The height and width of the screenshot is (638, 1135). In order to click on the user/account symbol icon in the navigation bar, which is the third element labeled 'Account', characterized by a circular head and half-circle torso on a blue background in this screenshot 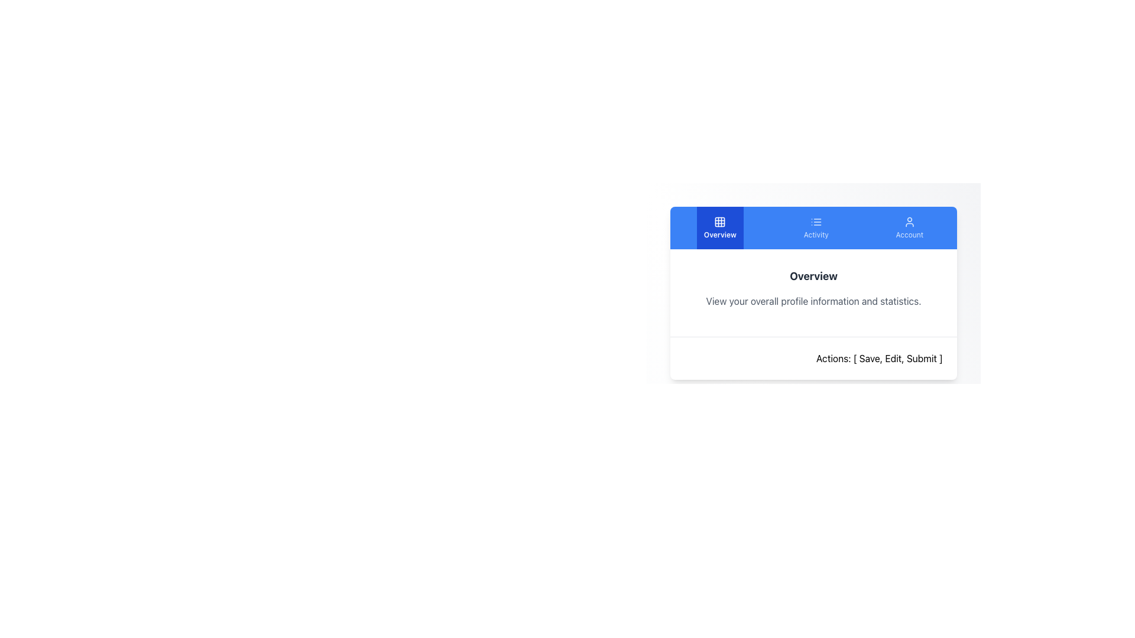, I will do `click(909, 222)`.